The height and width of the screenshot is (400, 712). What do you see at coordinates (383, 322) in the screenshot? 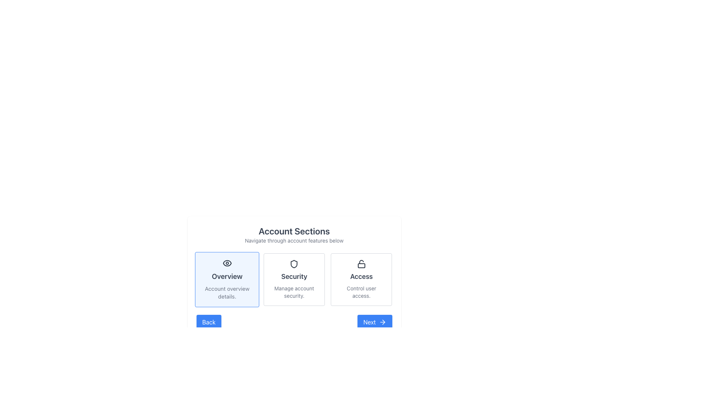
I see `the rightward-pointing arrow vector graphic icon within the 'Next' button, which serves as a visual cue for forward navigation` at bounding box center [383, 322].